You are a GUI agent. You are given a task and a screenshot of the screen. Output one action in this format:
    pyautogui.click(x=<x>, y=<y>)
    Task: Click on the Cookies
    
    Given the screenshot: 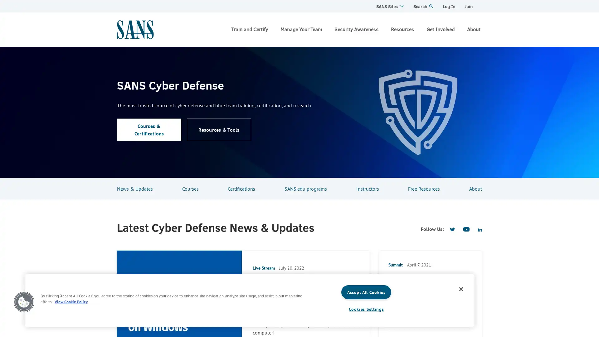 What is the action you would take?
    pyautogui.click(x=24, y=302)
    